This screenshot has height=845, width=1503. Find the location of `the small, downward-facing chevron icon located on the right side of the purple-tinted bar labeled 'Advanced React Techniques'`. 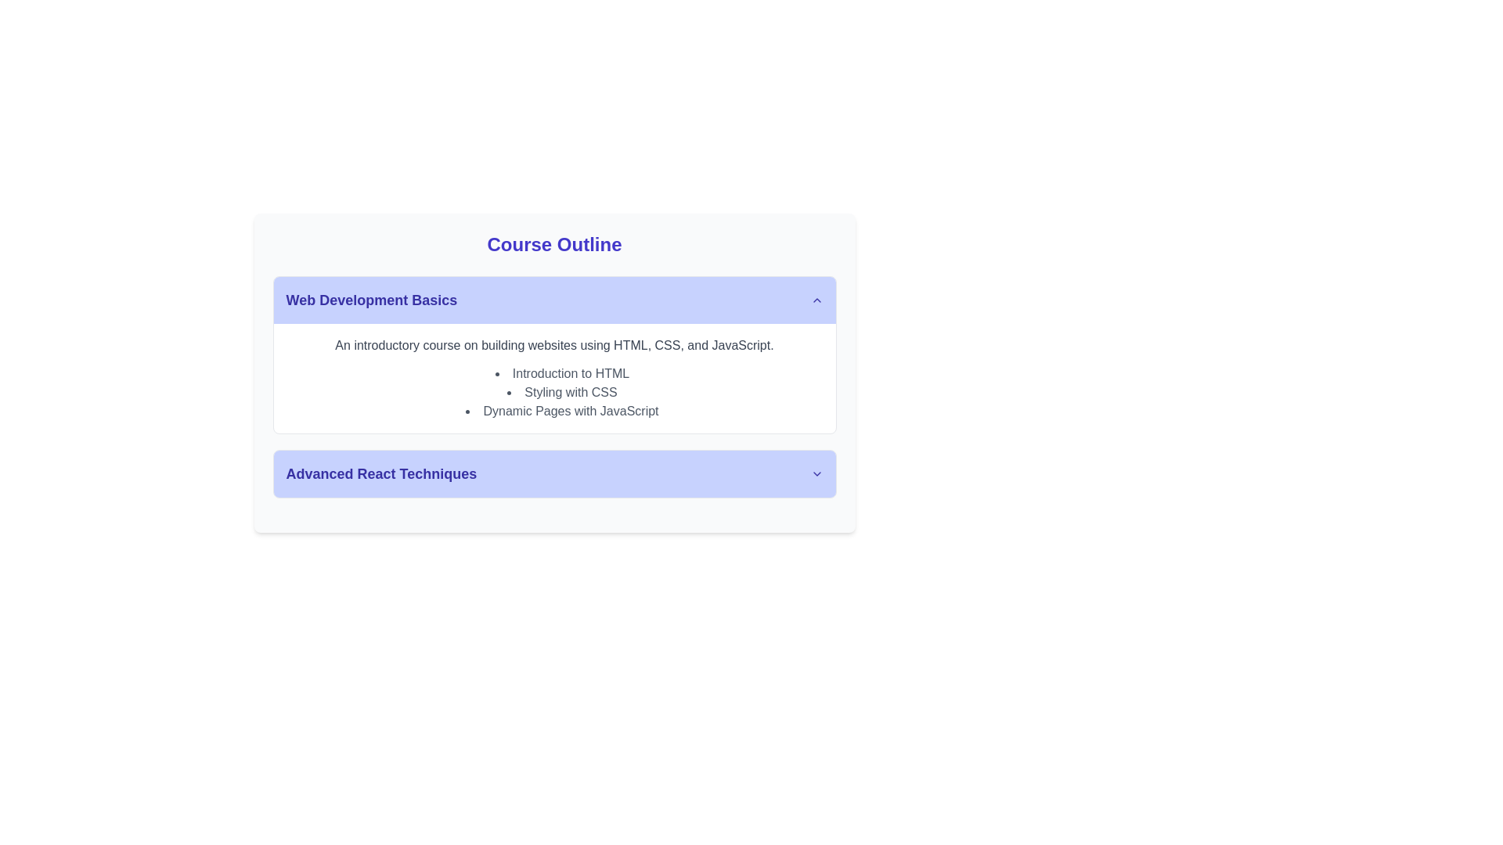

the small, downward-facing chevron icon located on the right side of the purple-tinted bar labeled 'Advanced React Techniques' is located at coordinates (816, 473).